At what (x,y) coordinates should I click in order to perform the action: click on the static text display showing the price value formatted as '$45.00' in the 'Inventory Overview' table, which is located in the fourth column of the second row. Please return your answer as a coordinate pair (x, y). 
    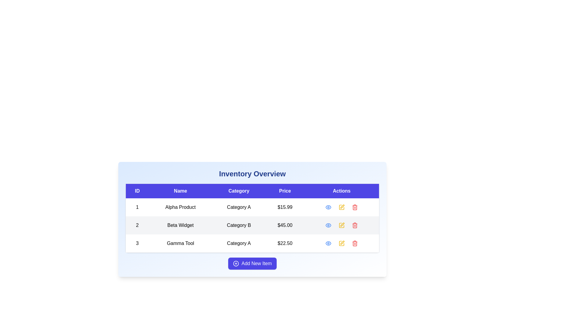
    Looking at the image, I should click on (284, 225).